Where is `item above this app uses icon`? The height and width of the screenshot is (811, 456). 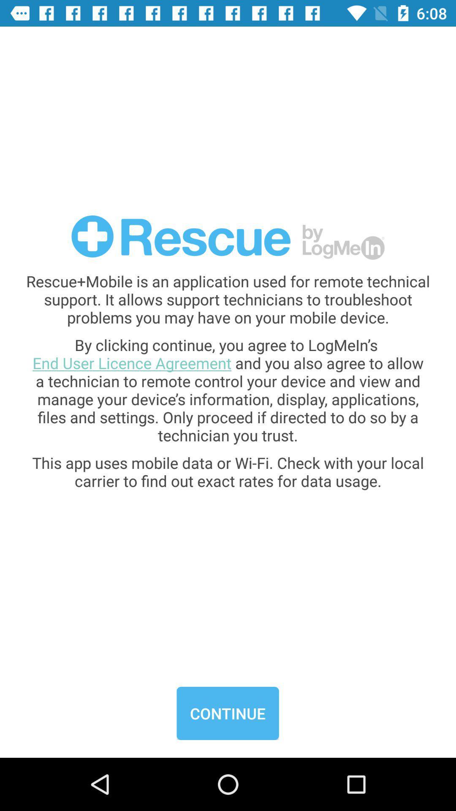 item above this app uses icon is located at coordinates (228, 389).